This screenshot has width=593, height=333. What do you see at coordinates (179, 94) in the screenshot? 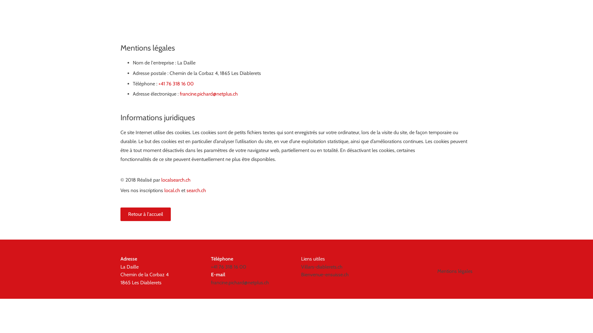
I see `'francine.pichard@netplus.ch'` at bounding box center [179, 94].